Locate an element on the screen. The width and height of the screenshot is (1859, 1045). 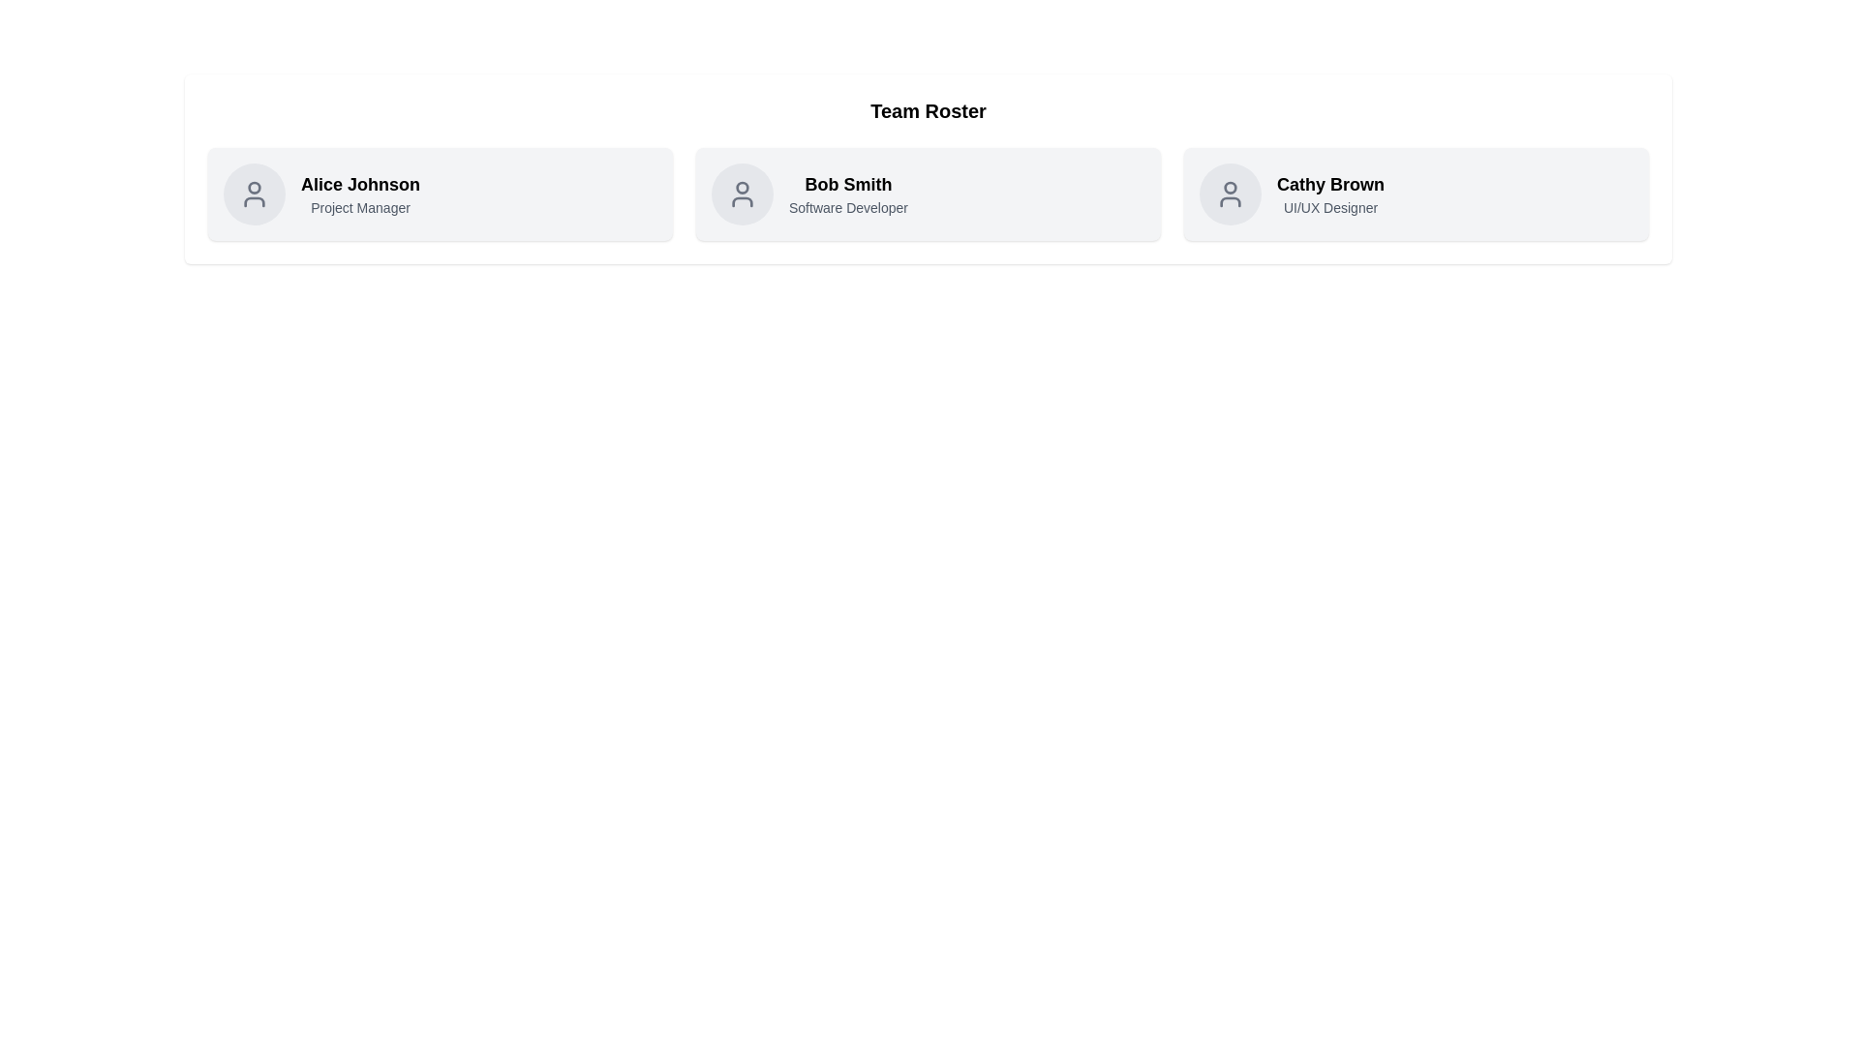
name 'Alice Johnson' and the role 'Project Manager' from the text area in the leftmost card of the 'Team Roster' section is located at coordinates (360, 194).